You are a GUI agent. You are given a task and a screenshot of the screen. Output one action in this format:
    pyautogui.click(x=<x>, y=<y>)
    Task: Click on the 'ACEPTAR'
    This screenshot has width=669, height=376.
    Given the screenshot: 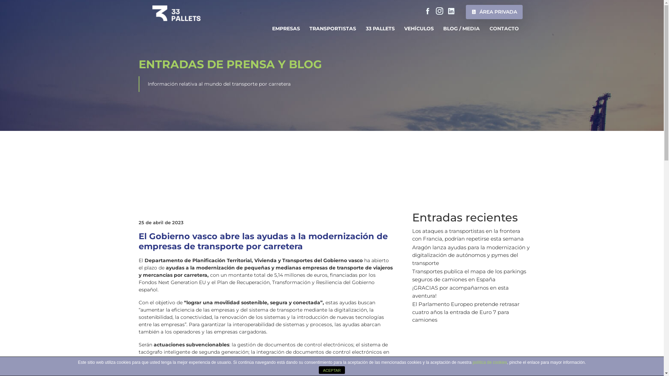 What is the action you would take?
    pyautogui.click(x=331, y=370)
    